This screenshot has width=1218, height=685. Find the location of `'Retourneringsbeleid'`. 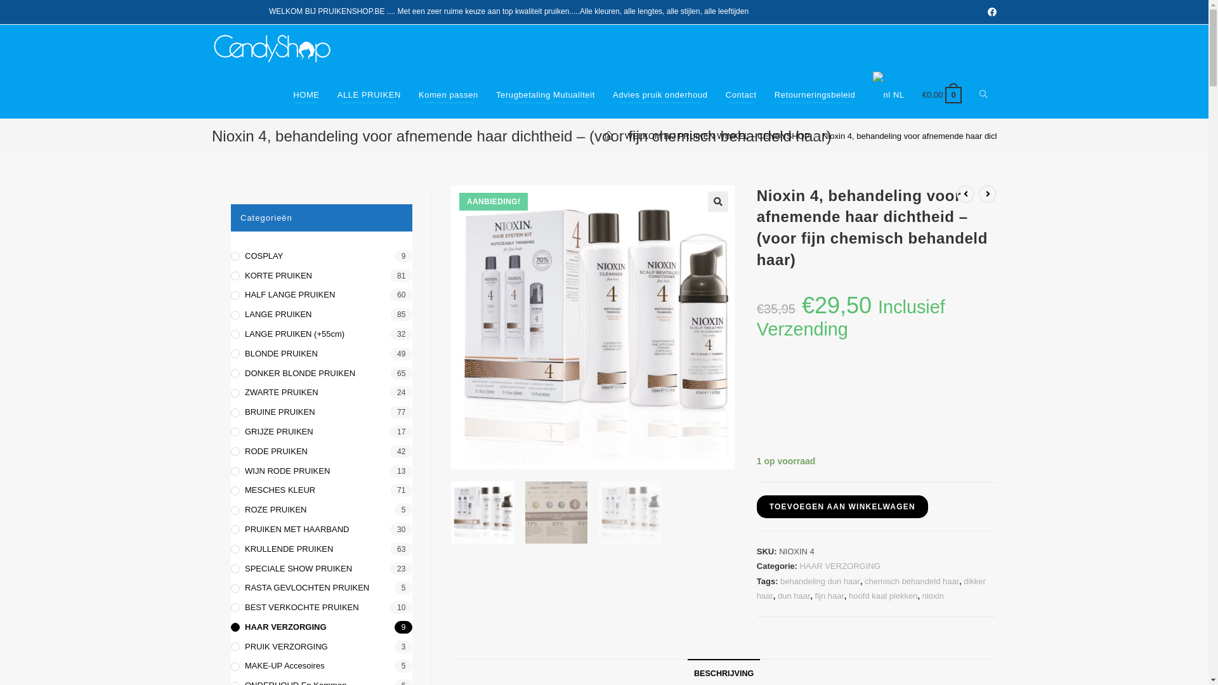

'Retourneringsbeleid' is located at coordinates (815, 95).